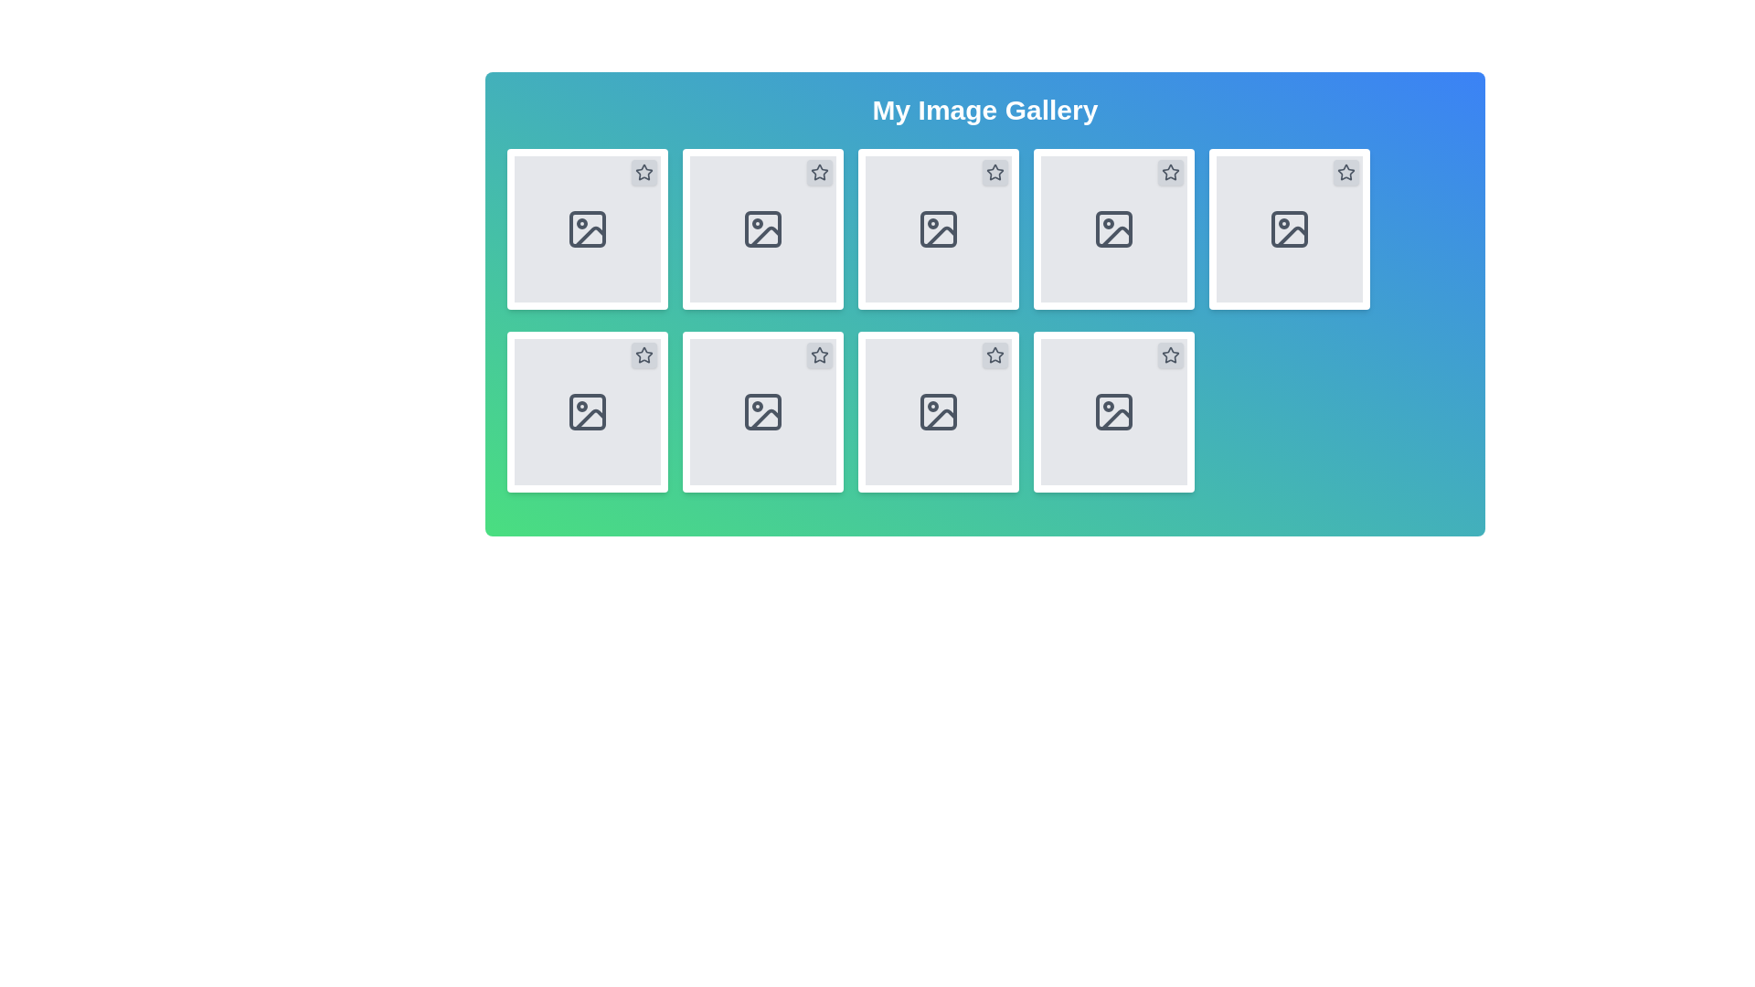  I want to click on the star-shaped icon with a gray outline and filled background located in the top-right corner of the last image tile in the image gallery, so click(1346, 172).